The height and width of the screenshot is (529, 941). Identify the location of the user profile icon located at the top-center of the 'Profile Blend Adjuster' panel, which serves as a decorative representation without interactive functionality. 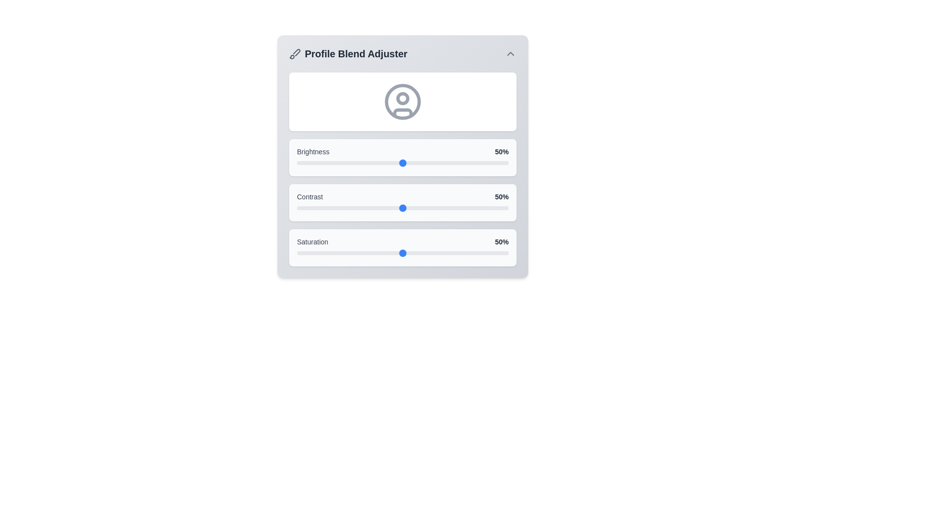
(402, 102).